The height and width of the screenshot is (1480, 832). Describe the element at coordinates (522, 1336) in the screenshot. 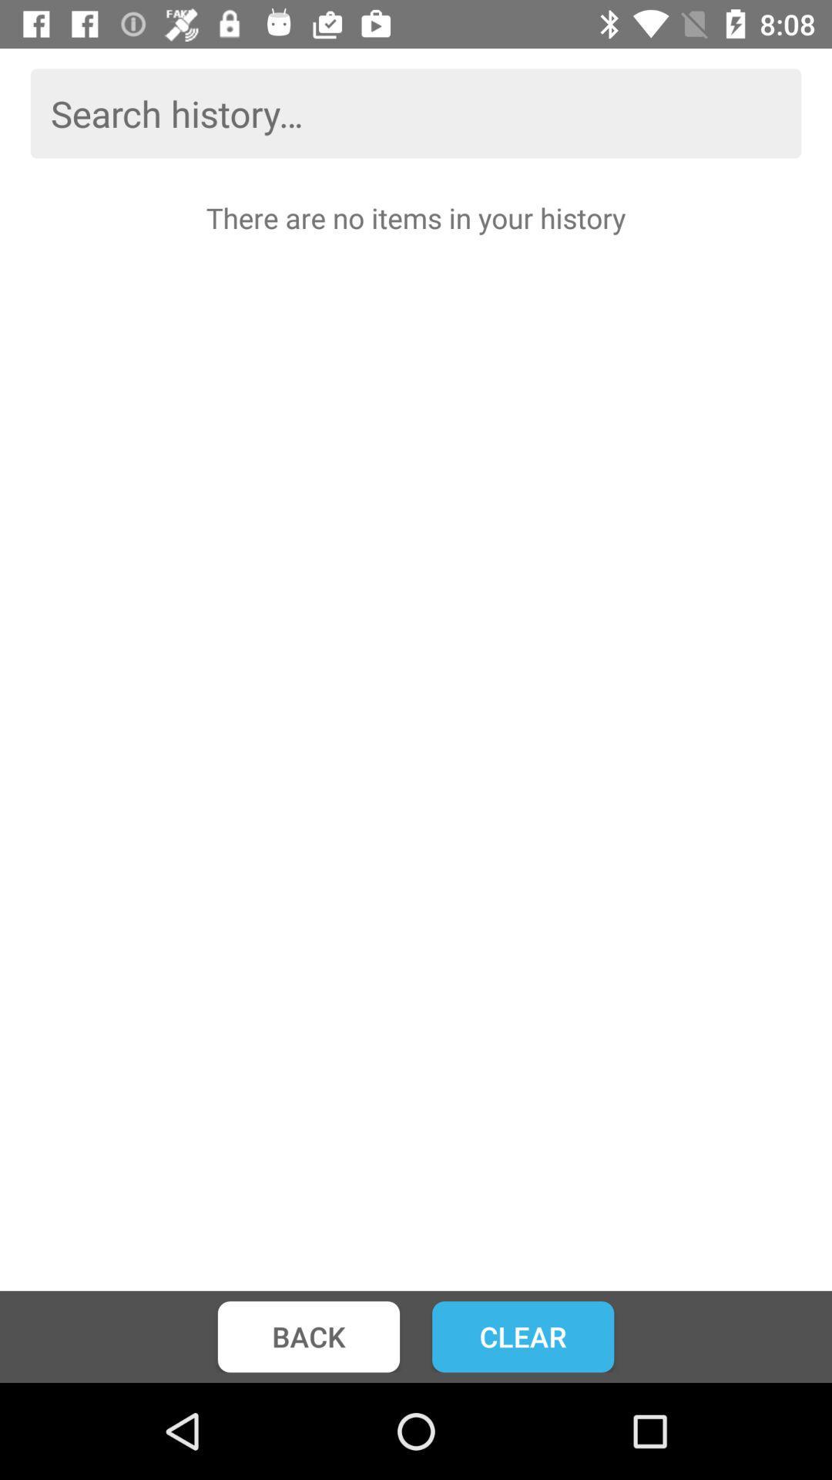

I see `the icon next to the back item` at that location.